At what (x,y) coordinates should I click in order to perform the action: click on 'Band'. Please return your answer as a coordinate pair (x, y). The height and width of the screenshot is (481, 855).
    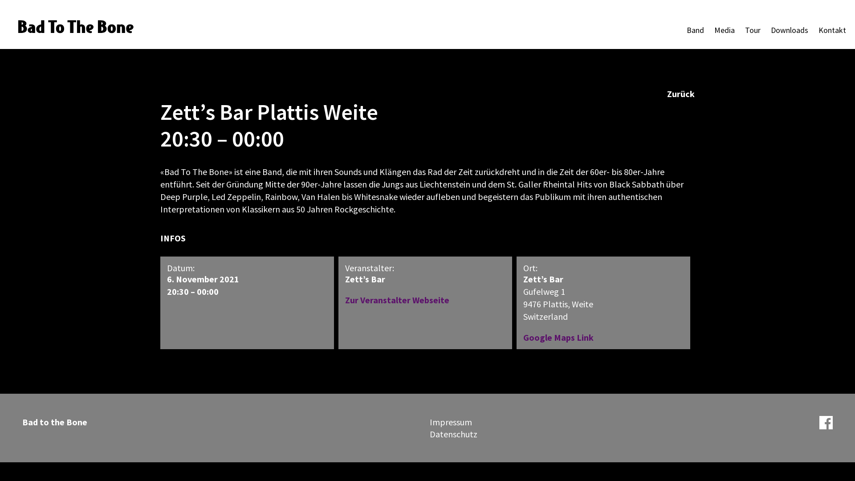
    Looking at the image, I should click on (695, 30).